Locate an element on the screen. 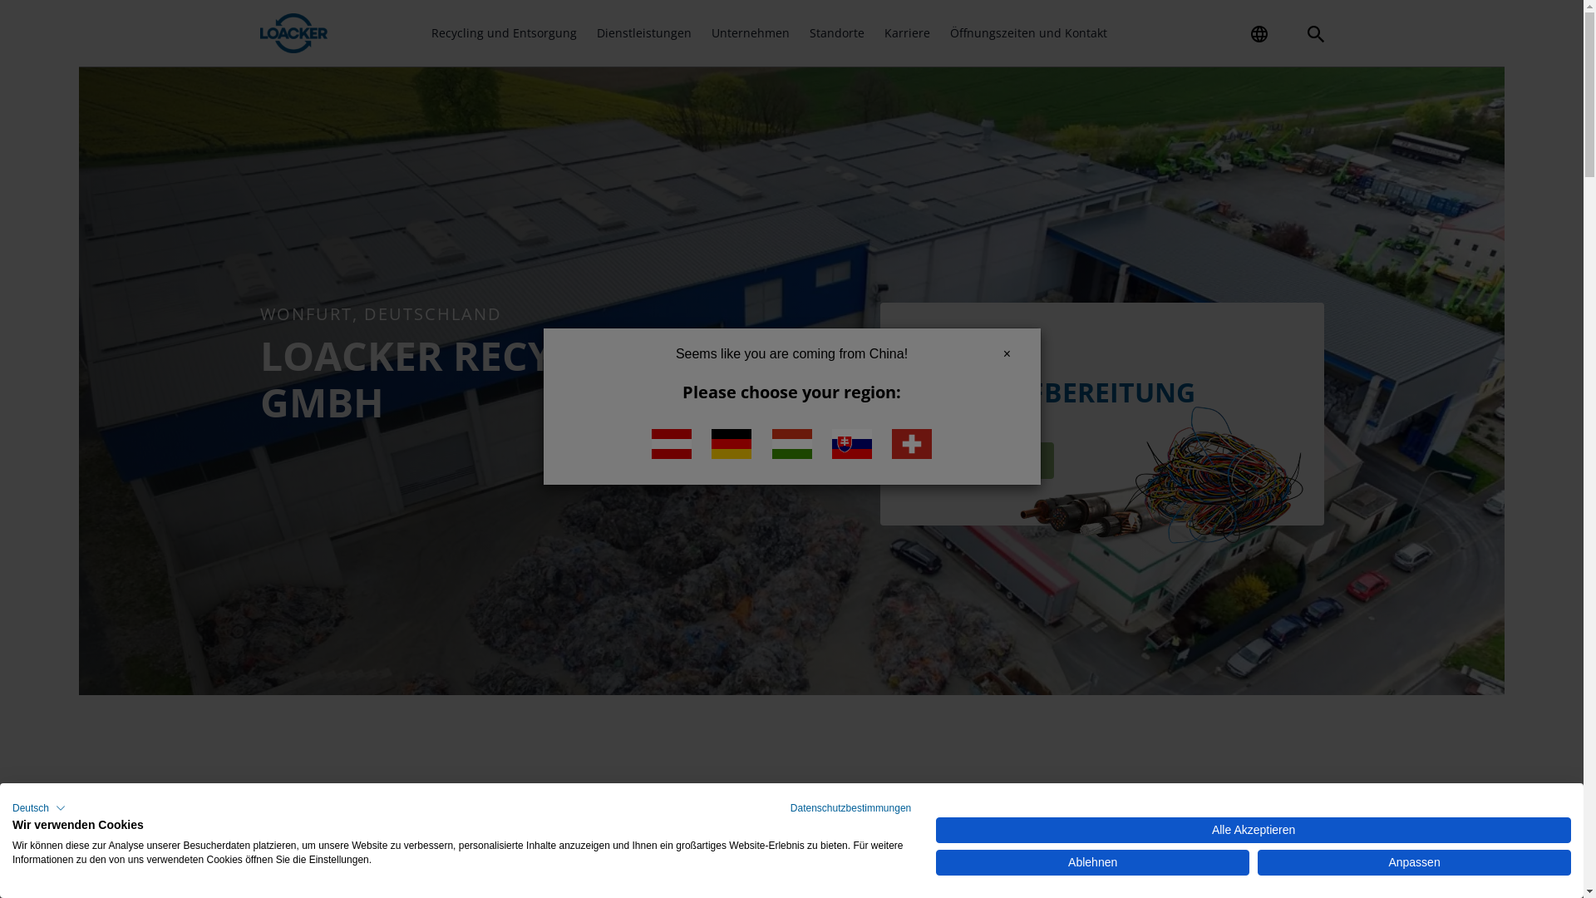 This screenshot has height=898, width=1596. 'Karriere' is located at coordinates (906, 32).